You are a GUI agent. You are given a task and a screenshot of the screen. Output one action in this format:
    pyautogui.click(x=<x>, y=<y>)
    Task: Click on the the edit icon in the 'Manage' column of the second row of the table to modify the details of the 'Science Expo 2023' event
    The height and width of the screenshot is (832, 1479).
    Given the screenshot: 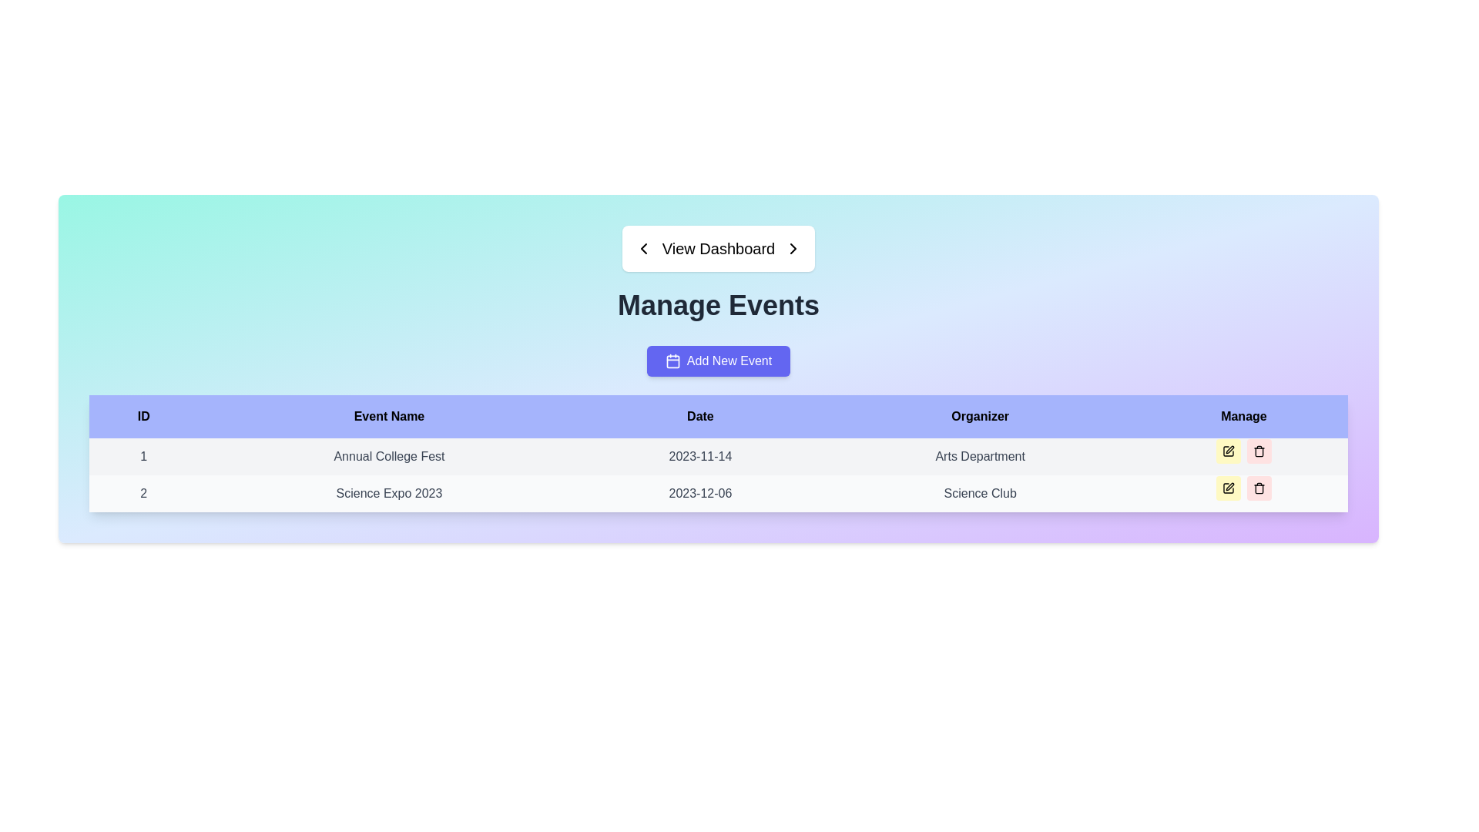 What is the action you would take?
    pyautogui.click(x=1229, y=487)
    